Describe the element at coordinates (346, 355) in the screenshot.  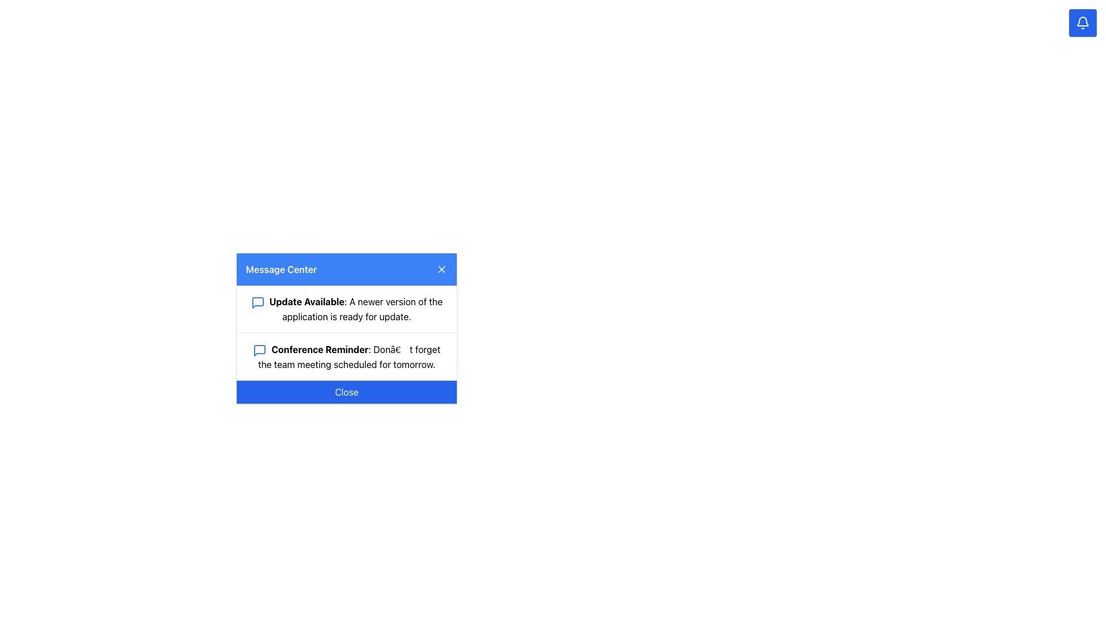
I see `the Notification Item with the bold heading 'Conference Reminder' and the text 'Don’t forget the team meeting scheduled for tomorrow.'` at that location.